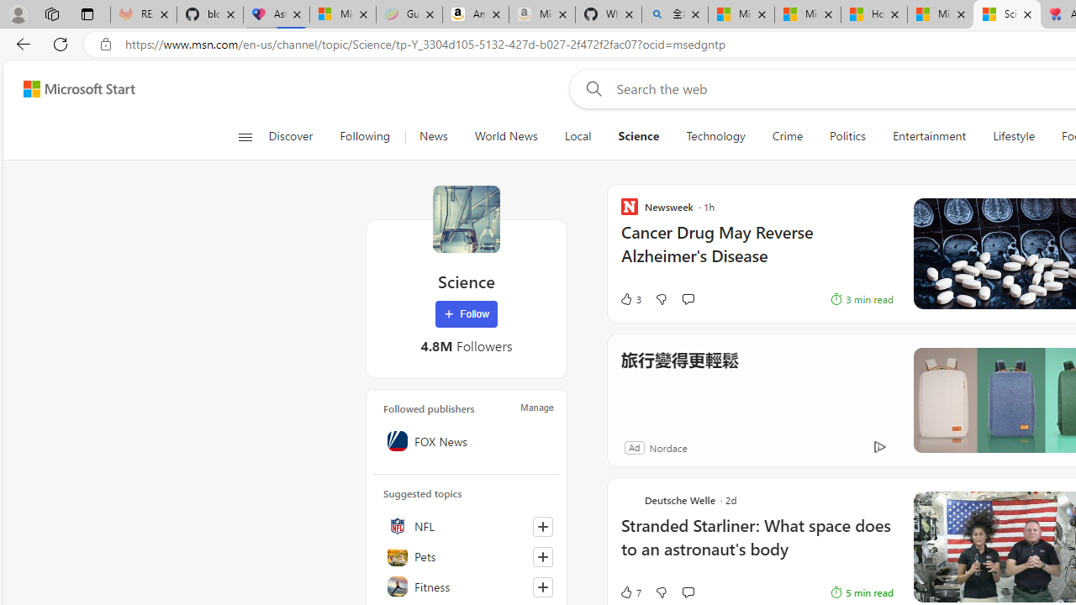  I want to click on '3 Like', so click(629, 298).